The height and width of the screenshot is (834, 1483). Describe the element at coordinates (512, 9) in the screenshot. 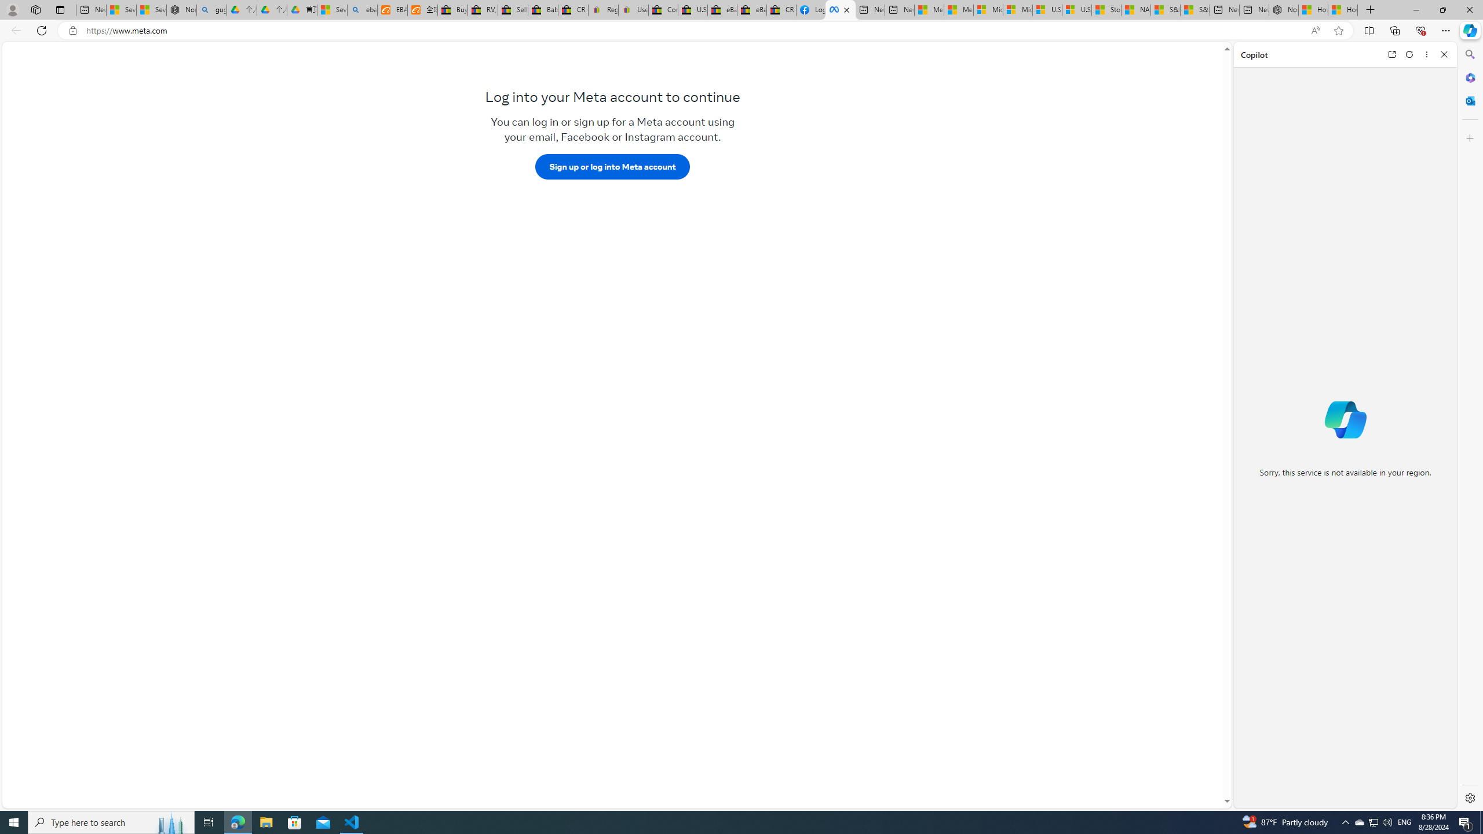

I see `'Sell worldwide with eBay'` at that location.